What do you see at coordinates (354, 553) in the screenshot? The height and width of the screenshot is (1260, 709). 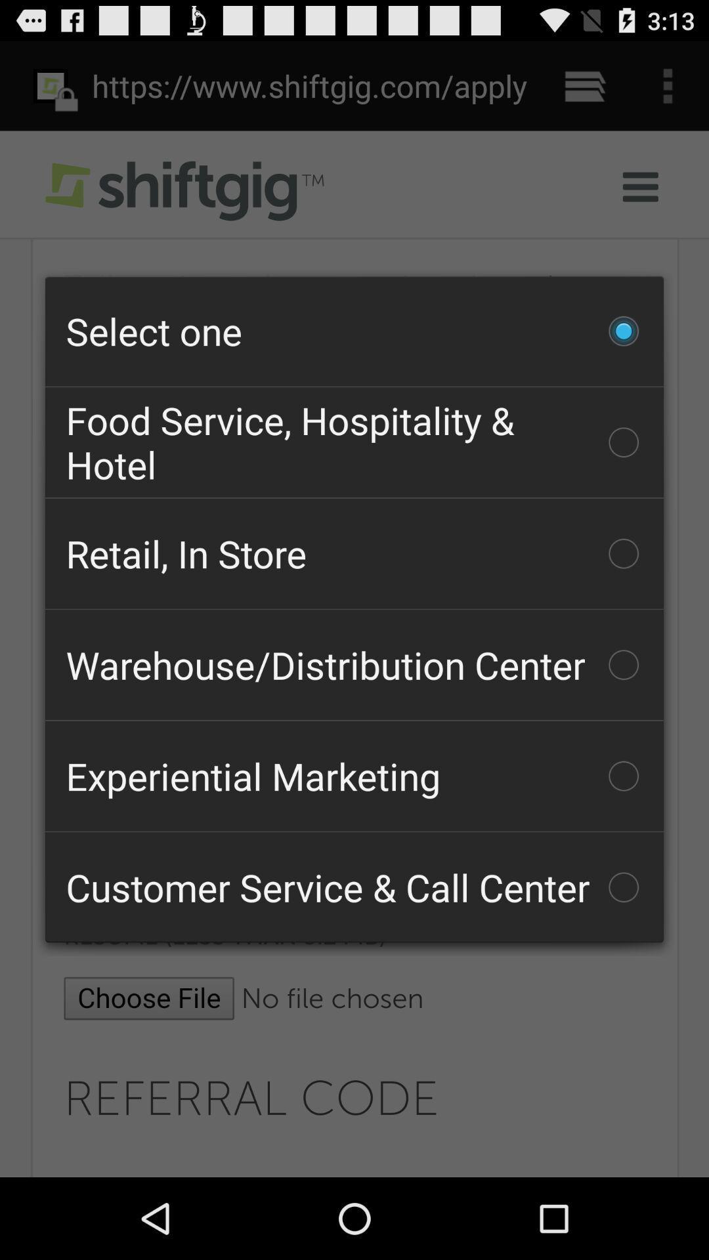 I see `retail, in store icon` at bounding box center [354, 553].